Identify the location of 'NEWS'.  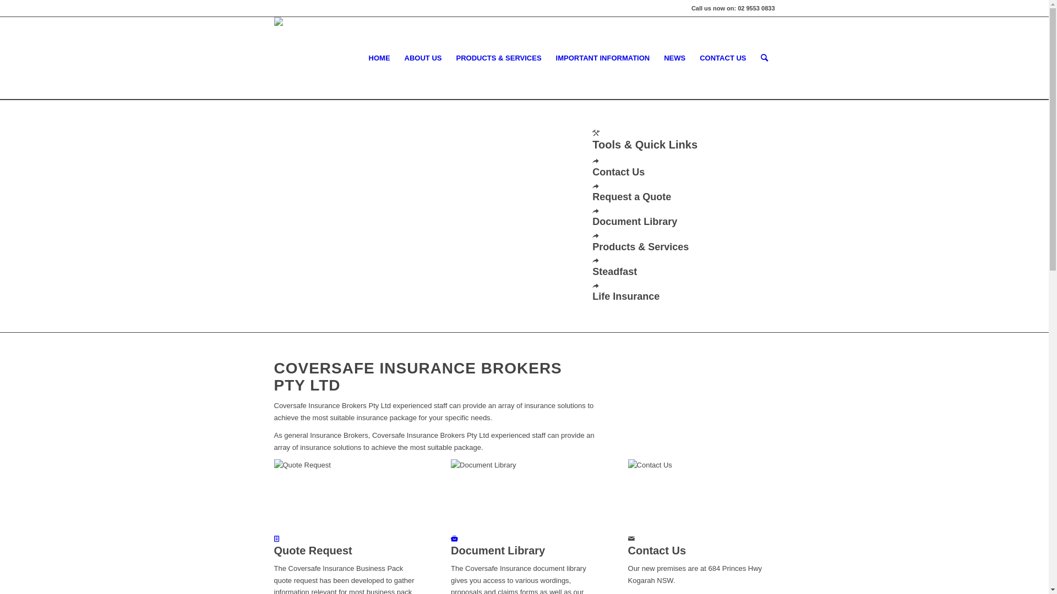
(674, 58).